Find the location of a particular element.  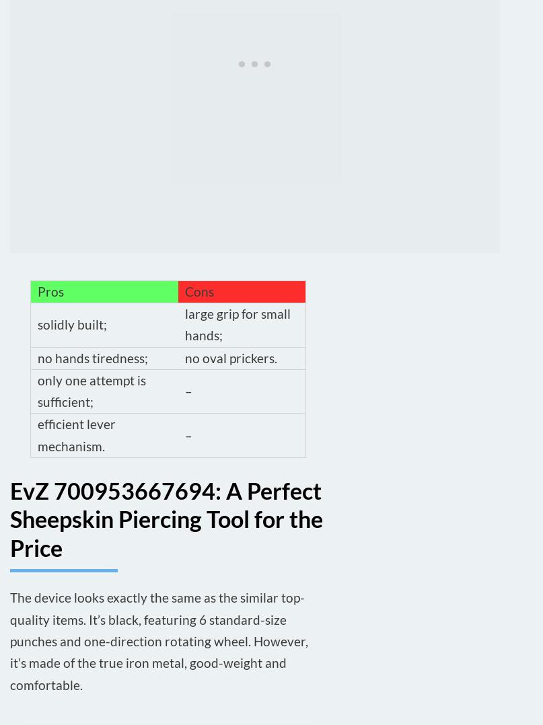

'Pros' is located at coordinates (50, 291).